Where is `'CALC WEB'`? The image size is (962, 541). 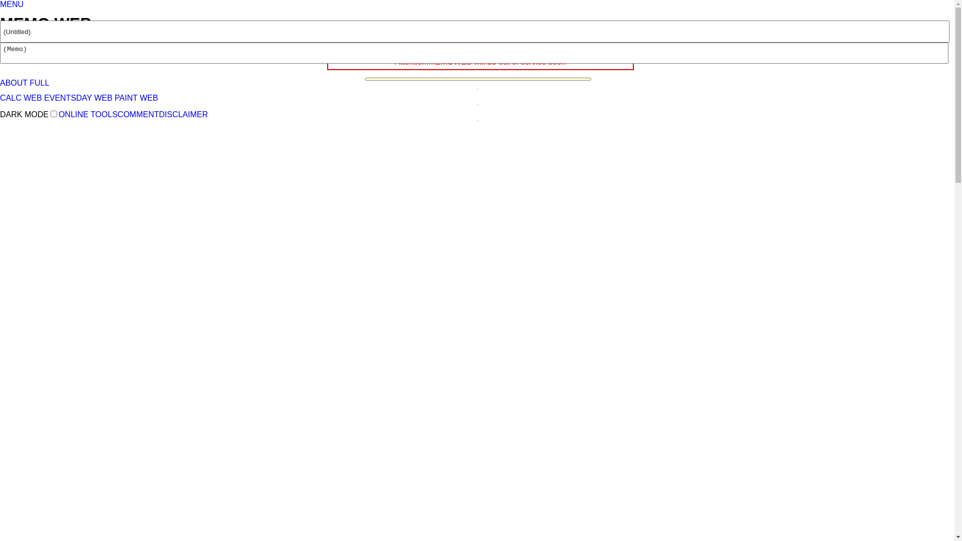 'CALC WEB' is located at coordinates (21, 98).